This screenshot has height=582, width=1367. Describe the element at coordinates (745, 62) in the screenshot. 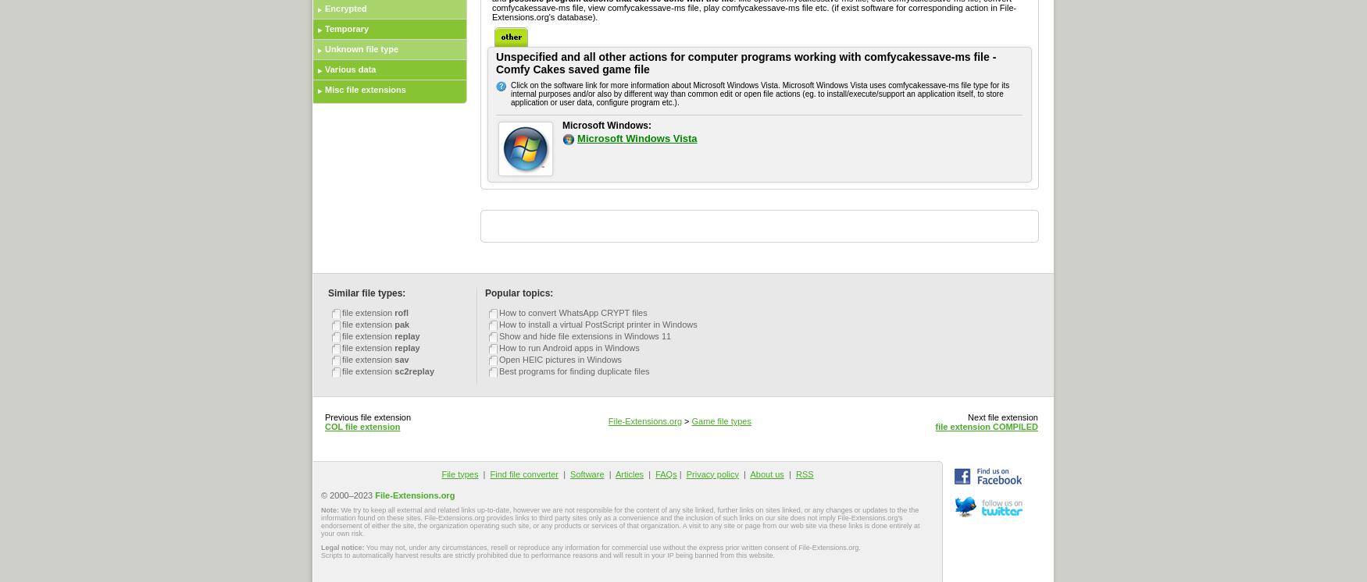

I see `'Unspecified and all other actions for computer programs working with comfycakessave-ms file - Comfy Cakes saved game file'` at that location.